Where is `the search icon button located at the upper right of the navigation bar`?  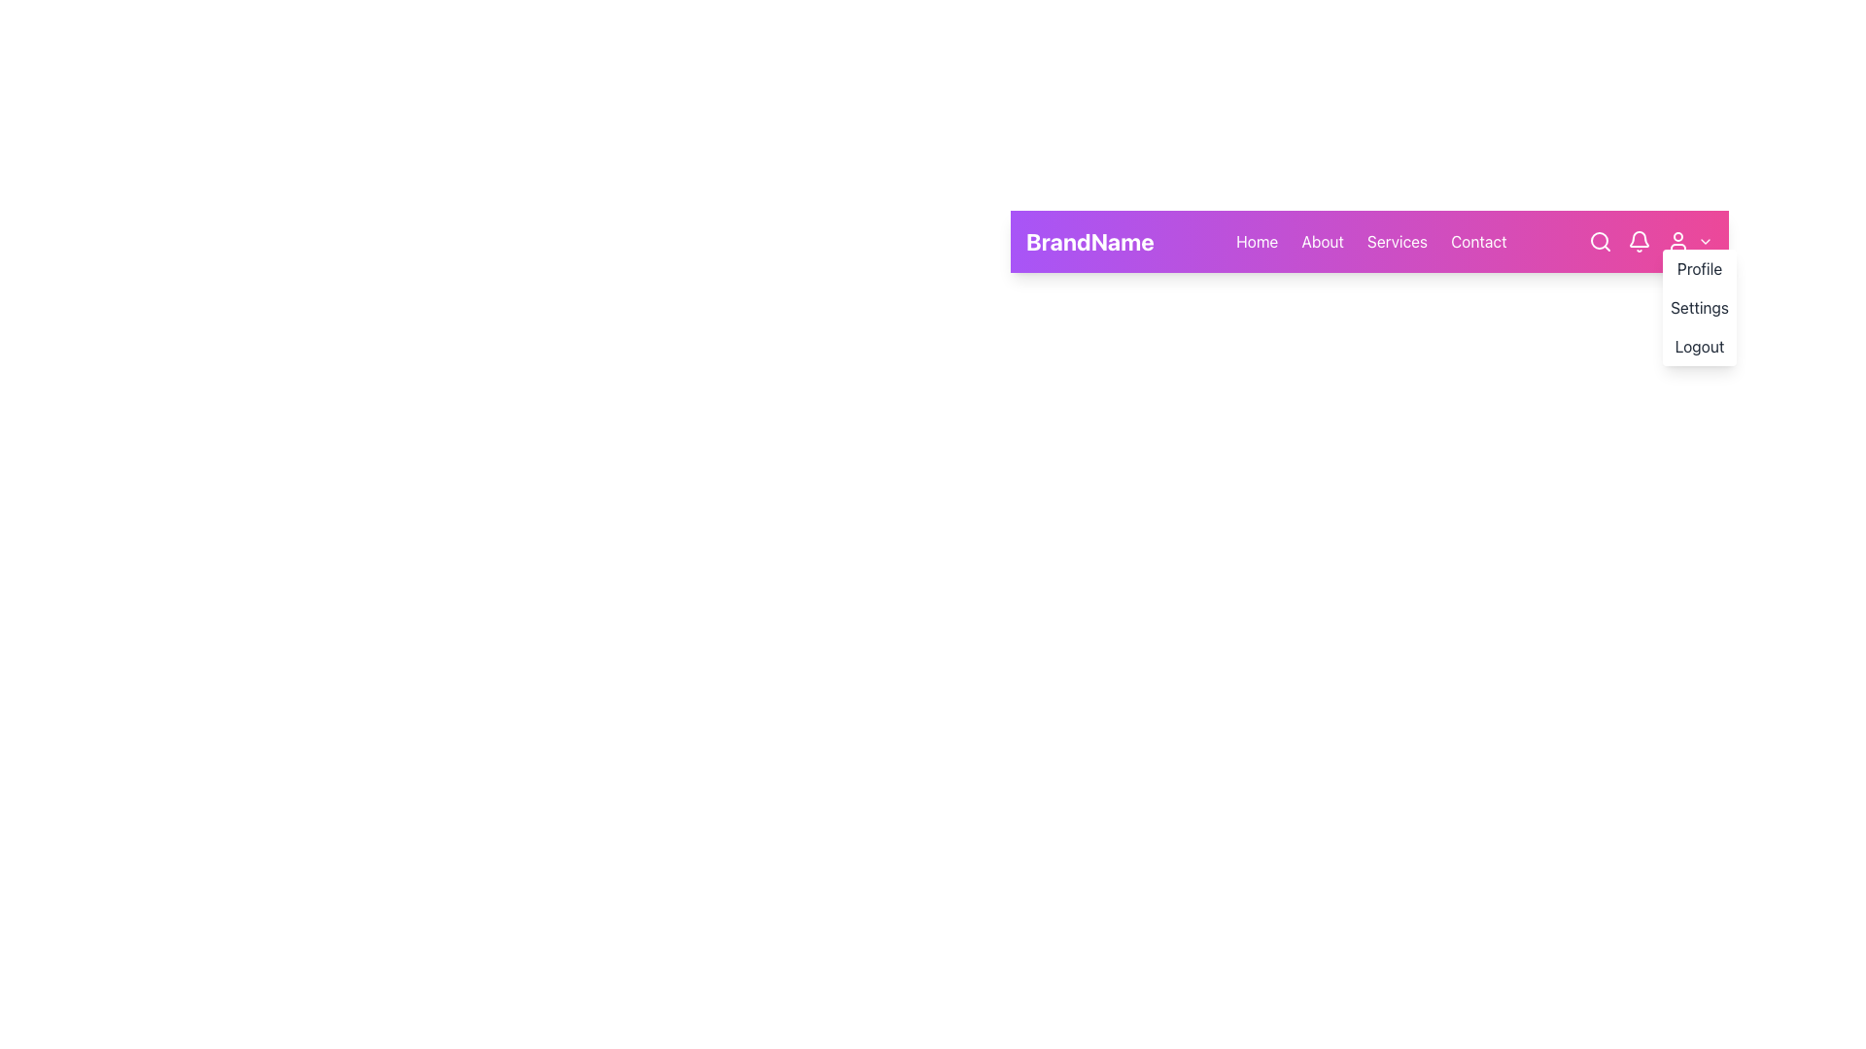
the search icon button located at the upper right of the navigation bar is located at coordinates (1600, 241).